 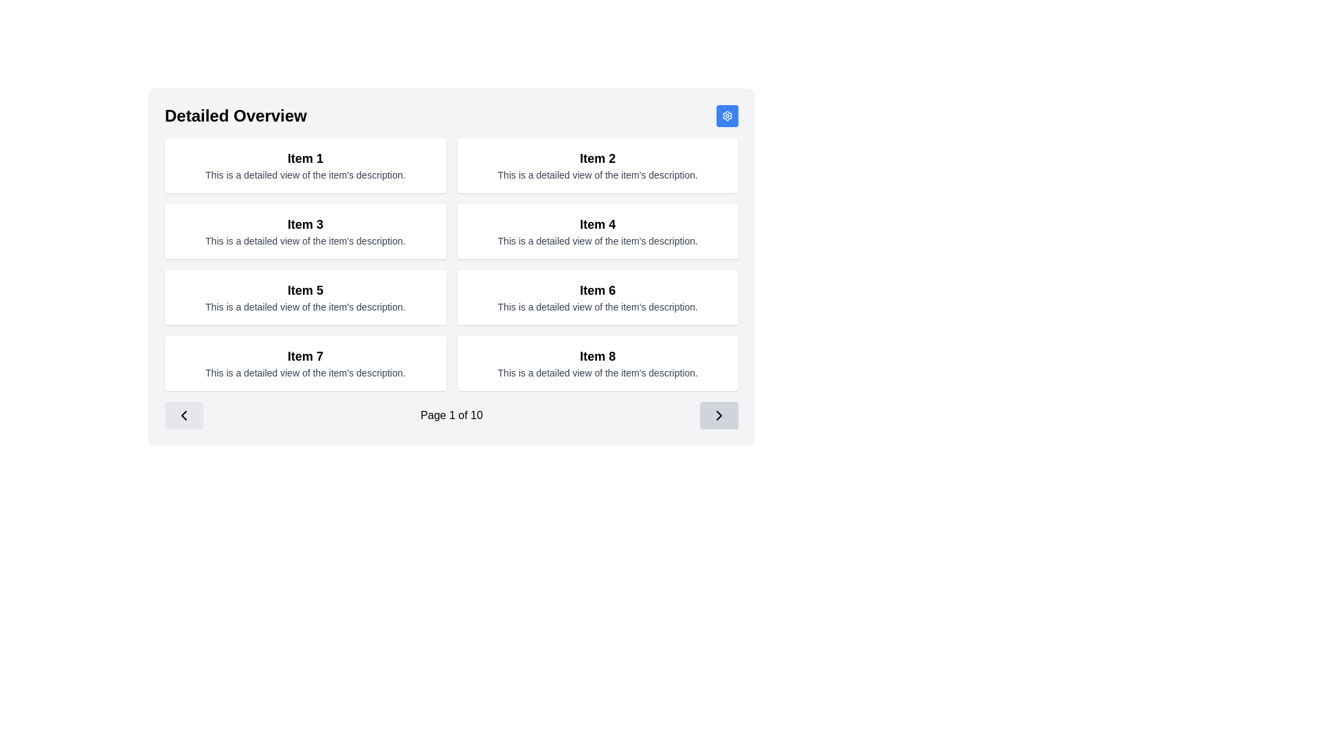 I want to click on static text element that displays the description "This is a detailed view of the item's description." below the title "Item 8" in a gray font, so click(x=598, y=373).